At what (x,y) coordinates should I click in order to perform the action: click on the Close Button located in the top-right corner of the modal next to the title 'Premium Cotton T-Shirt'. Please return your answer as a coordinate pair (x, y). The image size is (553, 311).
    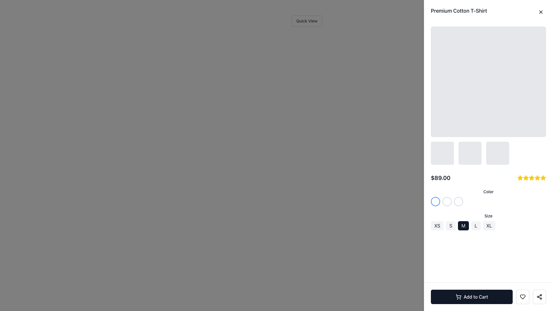
    Looking at the image, I should click on (540, 12).